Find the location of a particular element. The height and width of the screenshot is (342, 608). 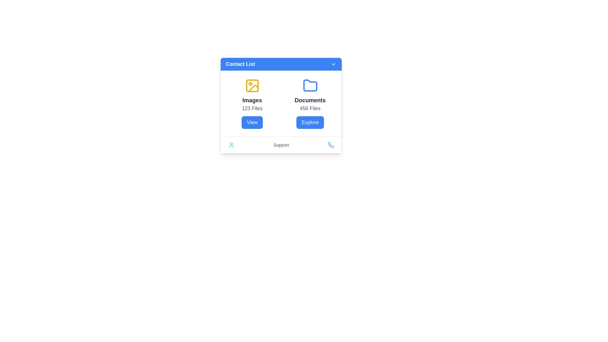

the Text Label displaying '123 Files', which is positioned below the 'Images' title and above the 'View' button in a vertical layout is located at coordinates (252, 108).